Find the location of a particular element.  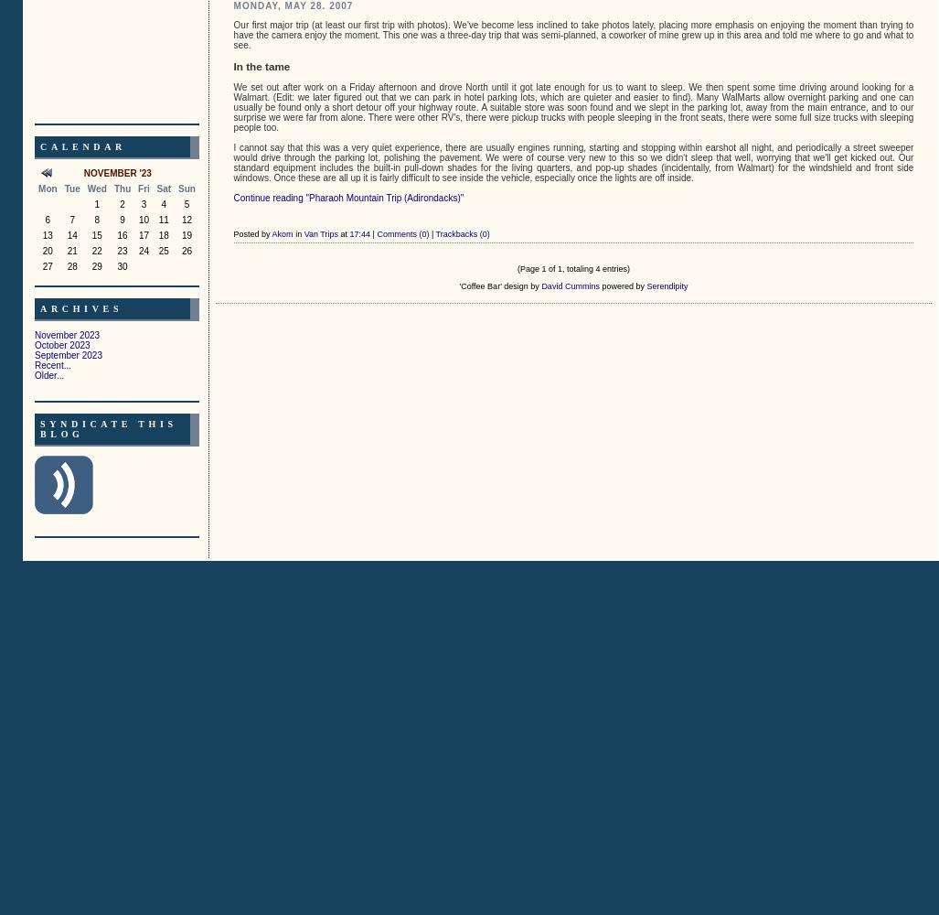

'Sun' is located at coordinates (185, 187).